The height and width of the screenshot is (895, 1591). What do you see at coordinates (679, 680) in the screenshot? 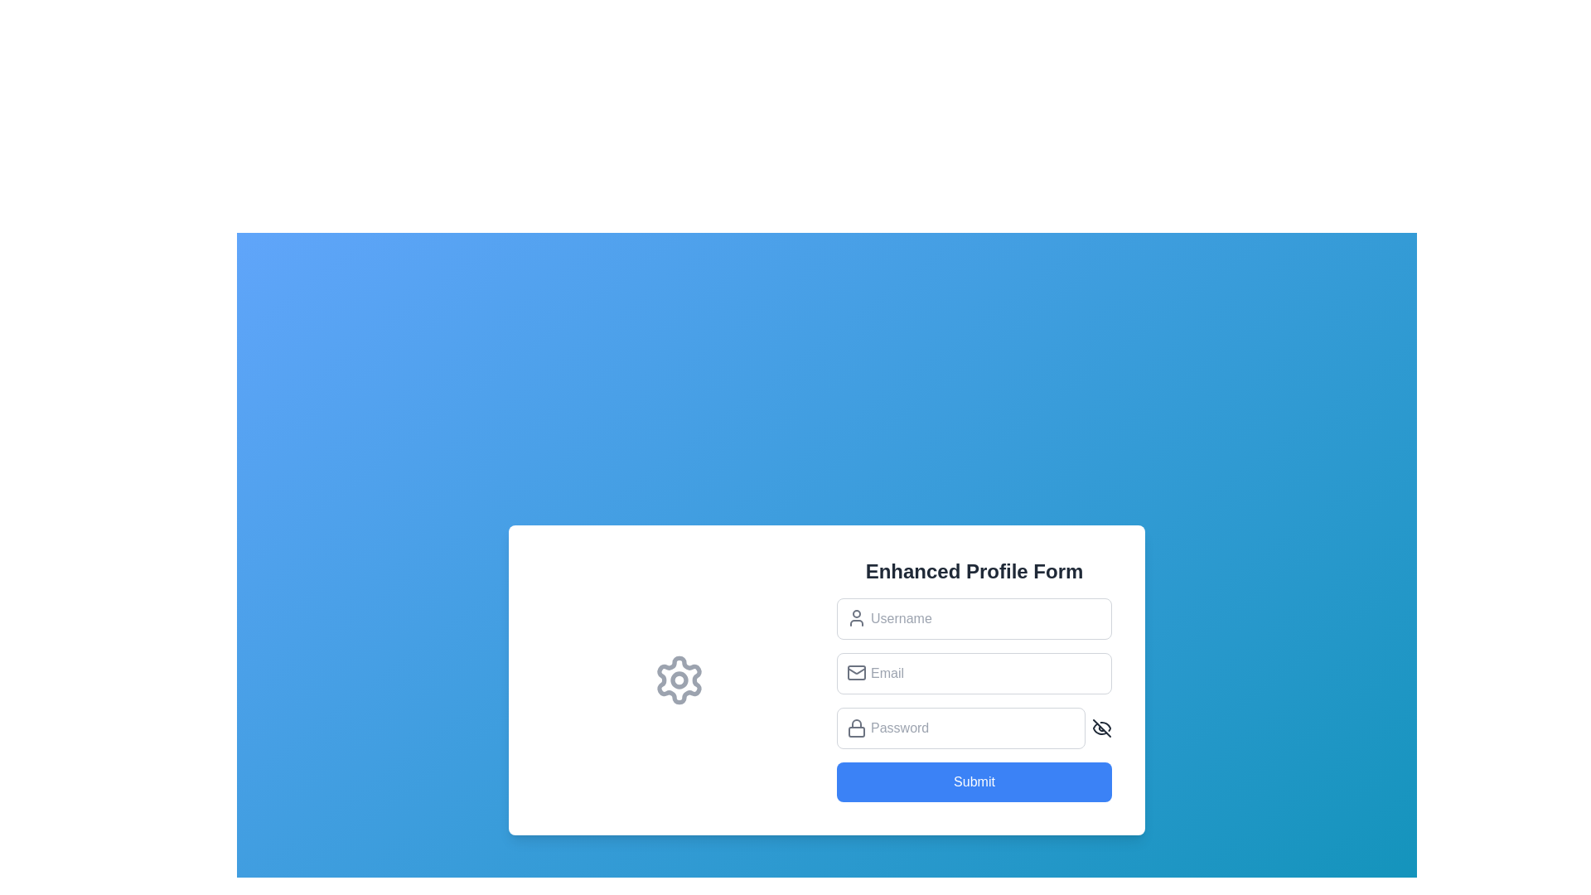
I see `small circular SVG element located at the center of the gear-like icon, which is part of a grouping on the left of the 'Enhanced Profile Form'` at bounding box center [679, 680].